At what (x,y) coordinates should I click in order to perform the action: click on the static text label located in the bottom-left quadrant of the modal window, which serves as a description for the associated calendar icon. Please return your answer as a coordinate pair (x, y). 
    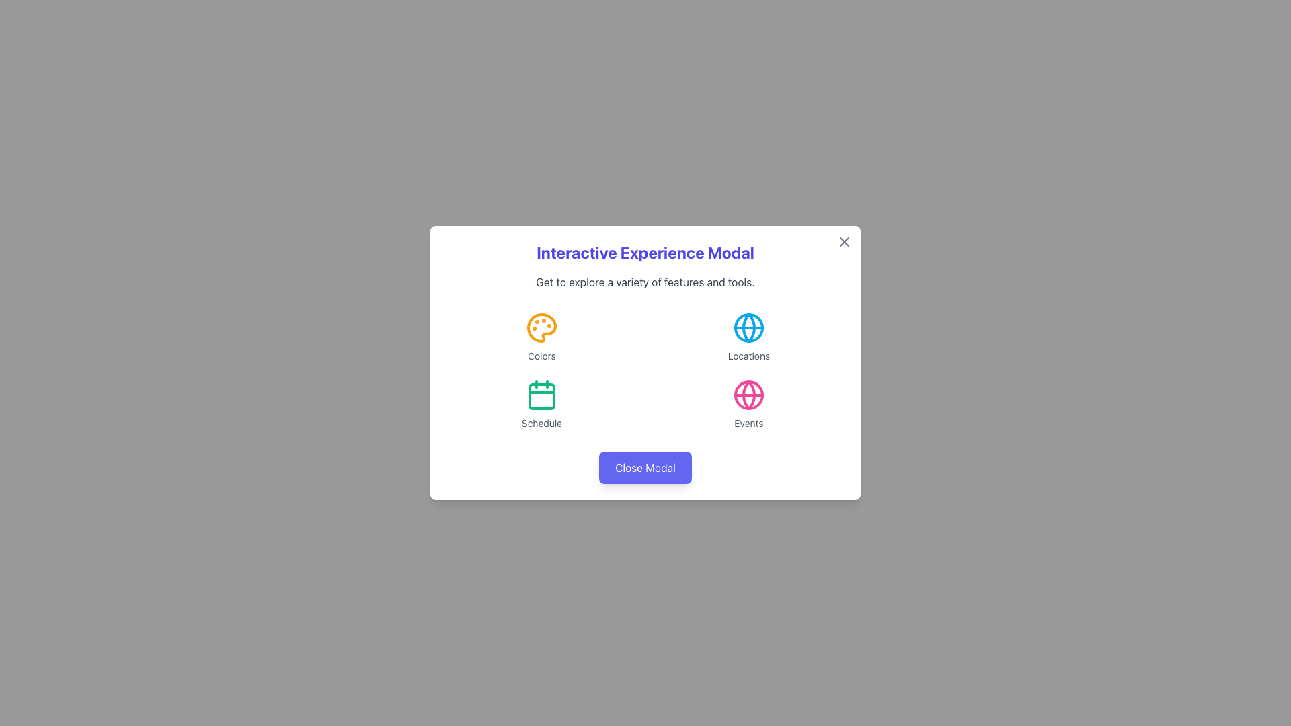
    Looking at the image, I should click on (542, 422).